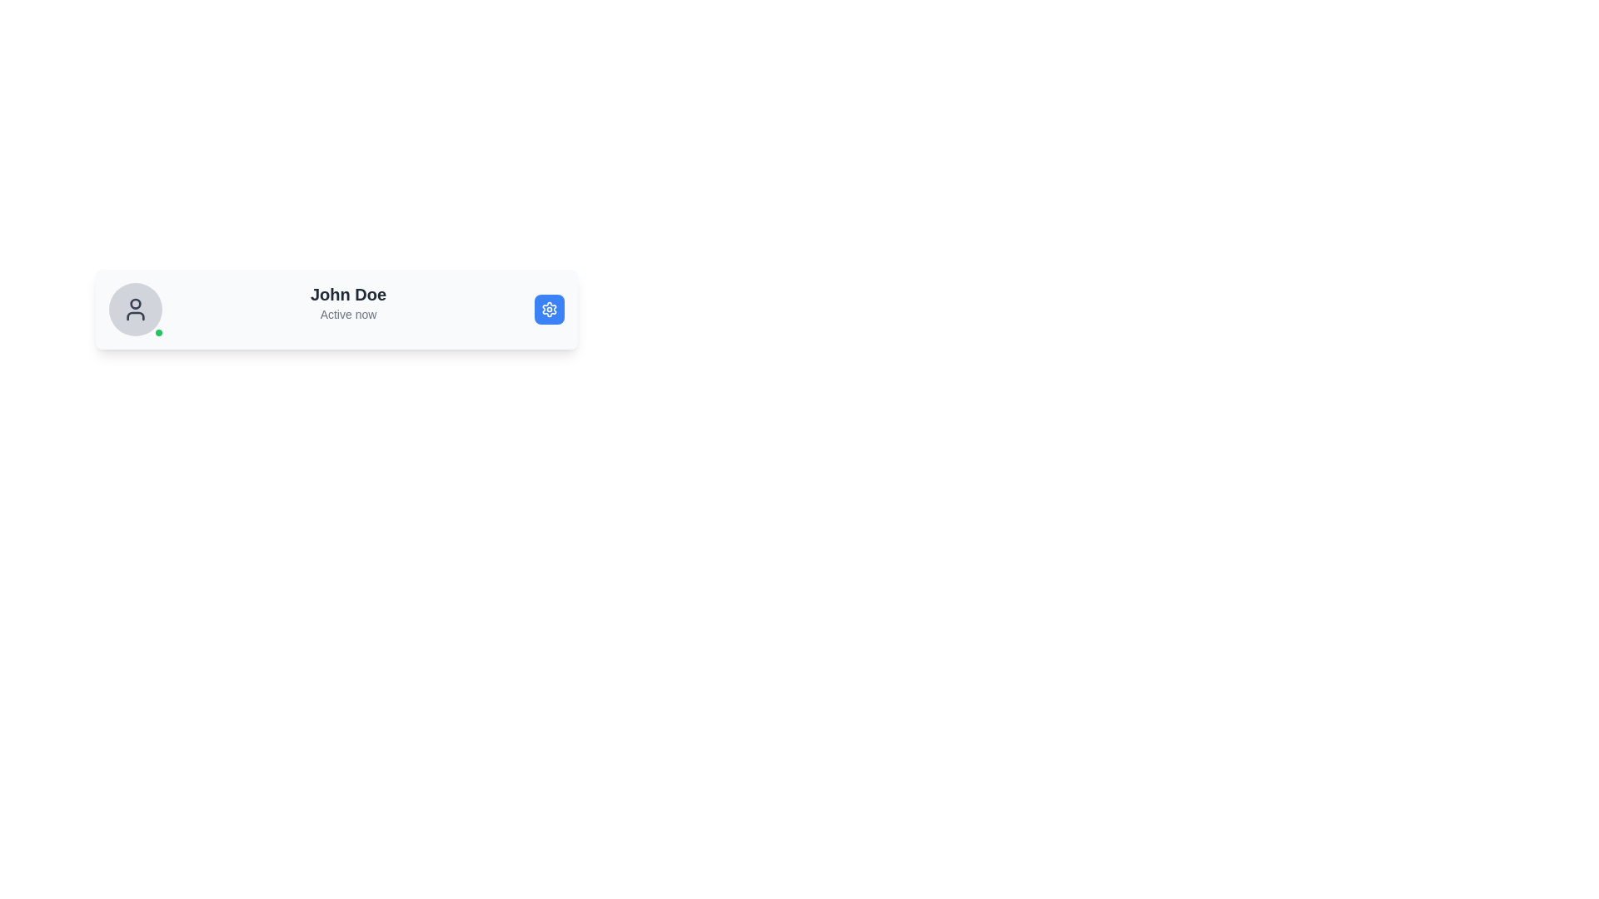 The width and height of the screenshot is (1599, 899). I want to click on the circular avatar located at the leftmost side of the card, so click(136, 309).